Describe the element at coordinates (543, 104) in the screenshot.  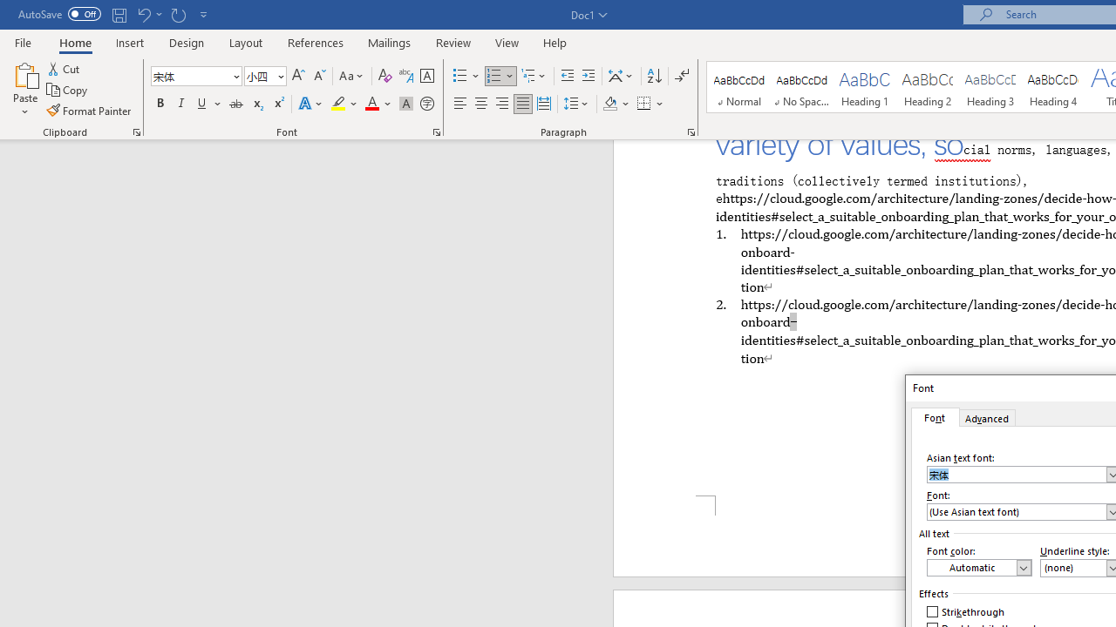
I see `'Distributed'` at that location.